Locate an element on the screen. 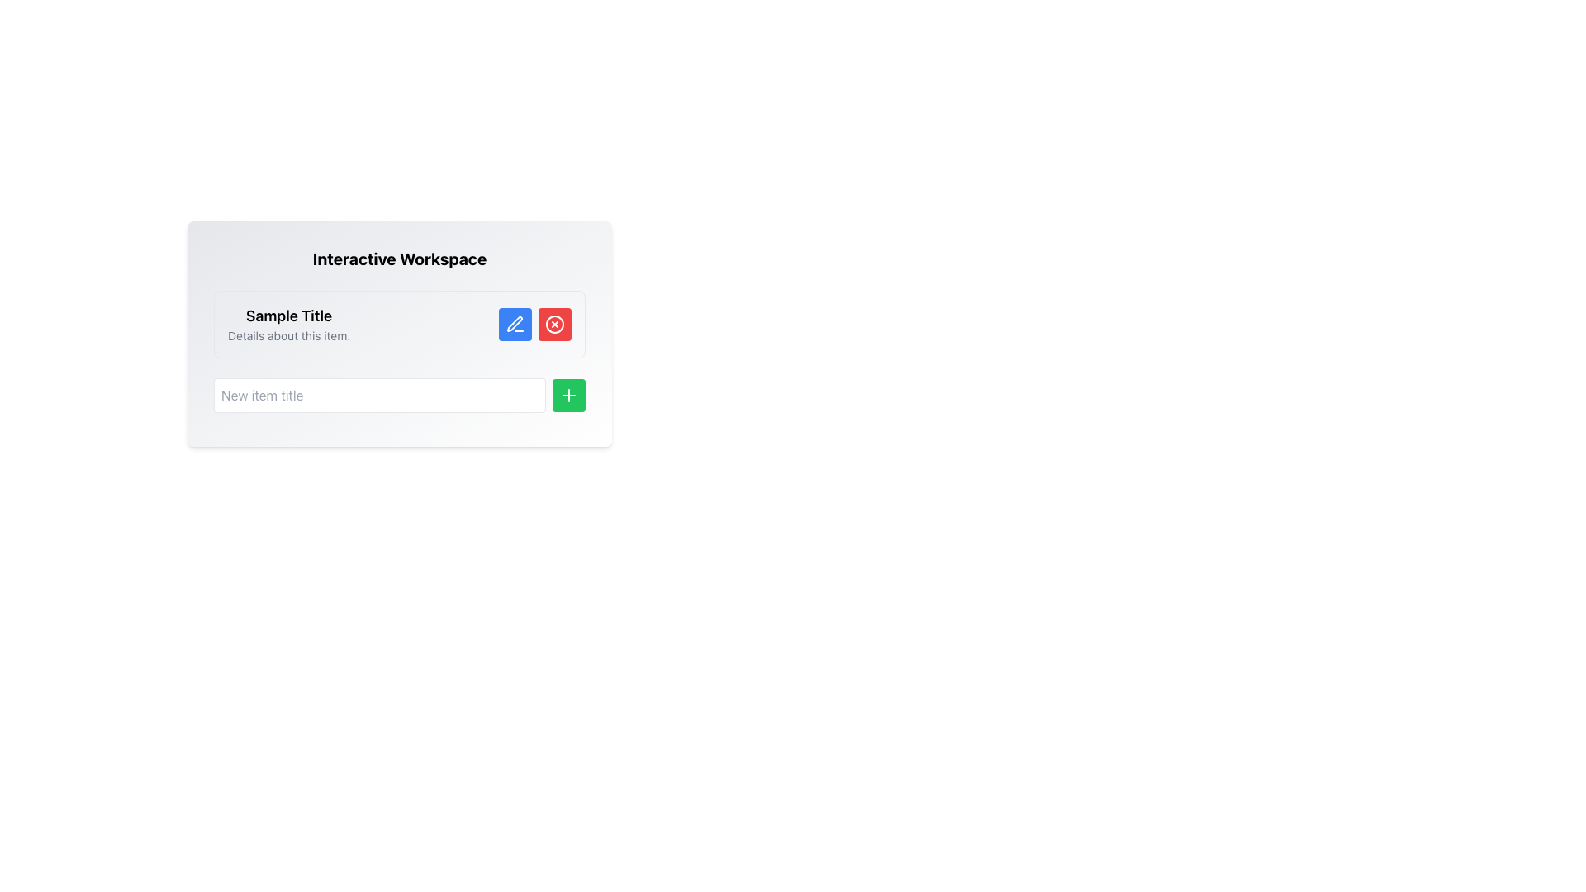 This screenshot has height=892, width=1586. content from the Informational Section titled 'Interactive Workspace', which includes the subsection 'Sample Title' and details about the item is located at coordinates (400, 334).